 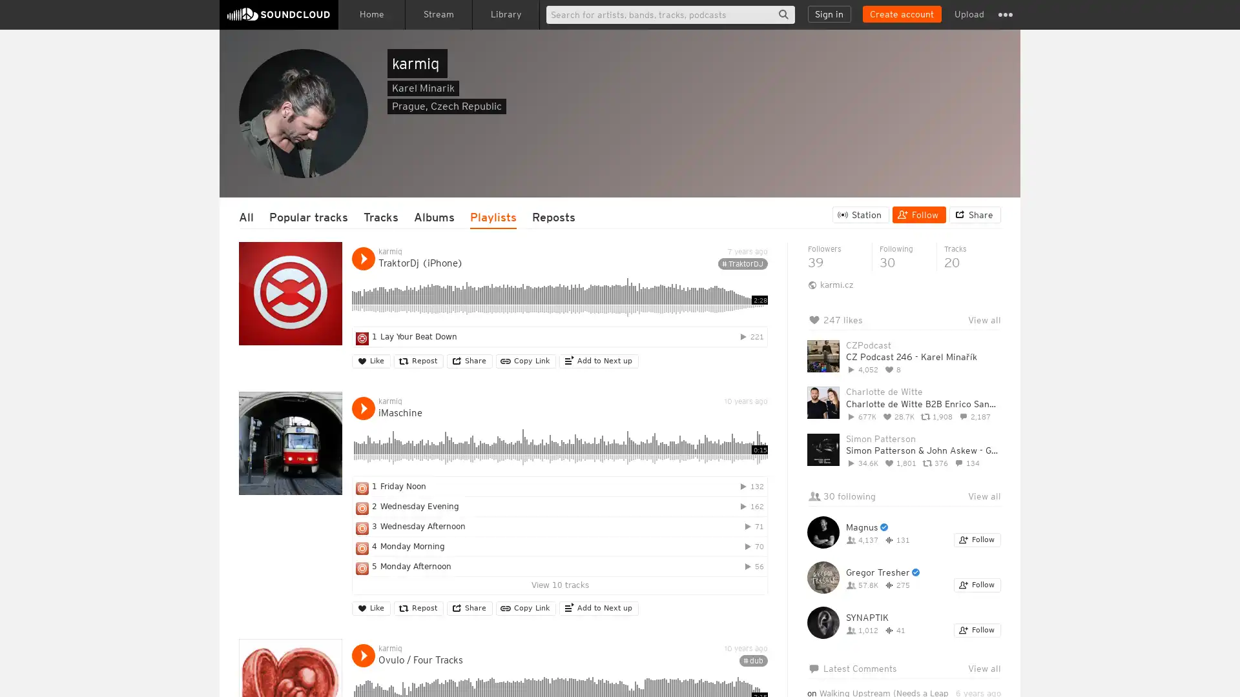 I want to click on Like, so click(x=371, y=361).